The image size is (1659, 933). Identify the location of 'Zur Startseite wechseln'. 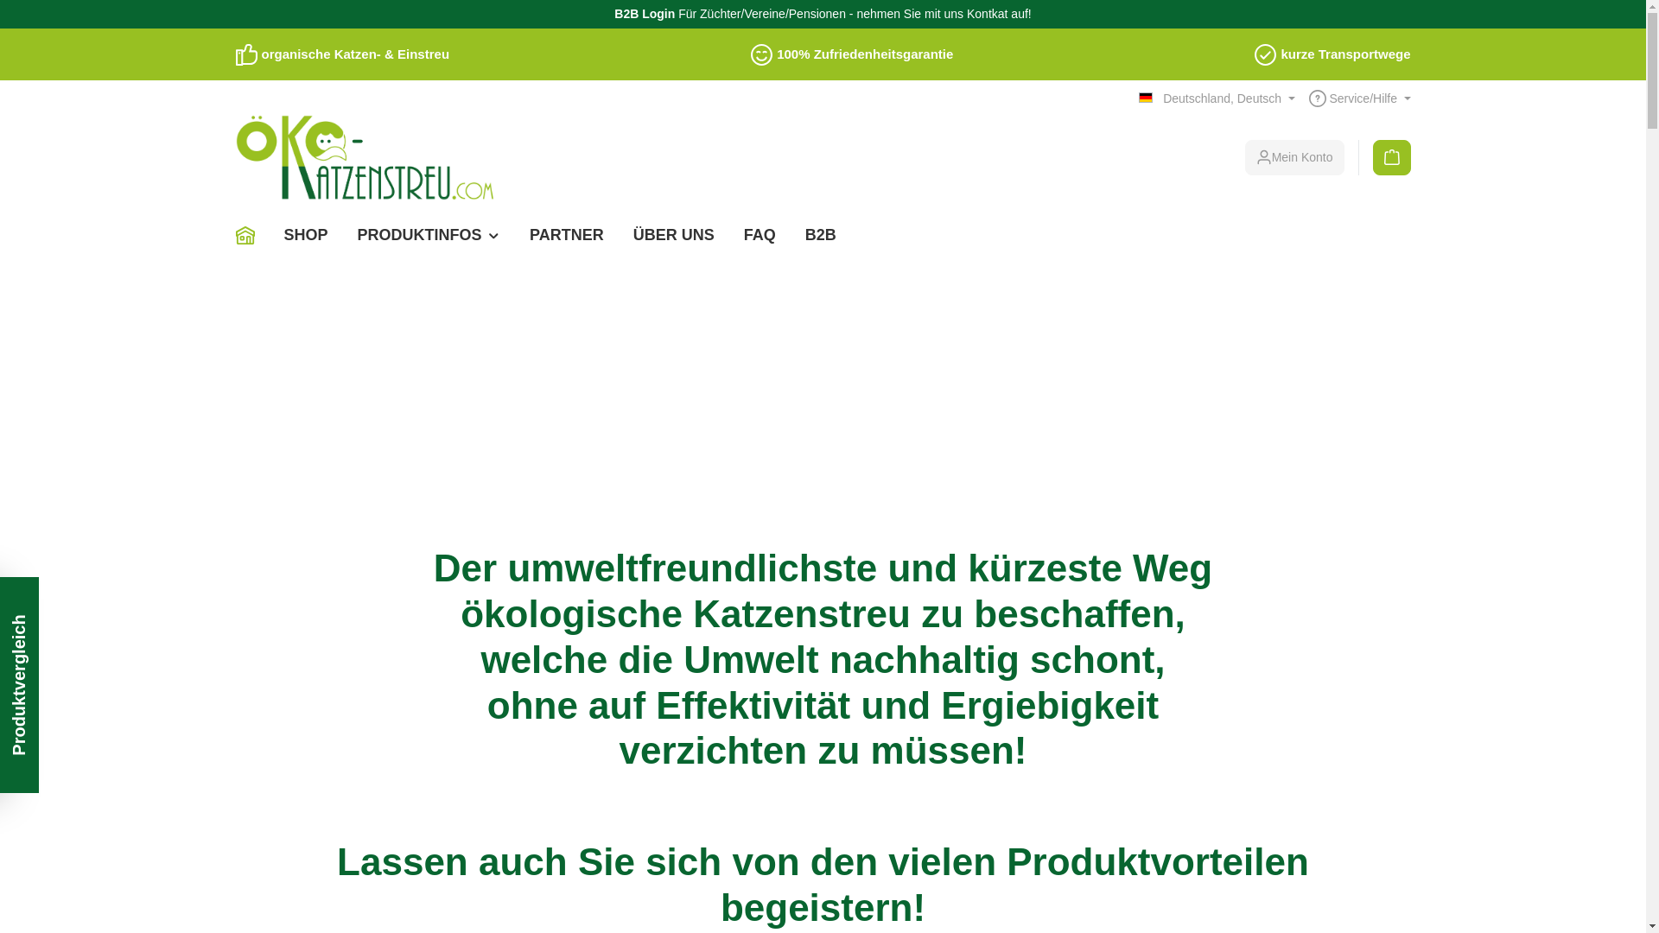
(364, 157).